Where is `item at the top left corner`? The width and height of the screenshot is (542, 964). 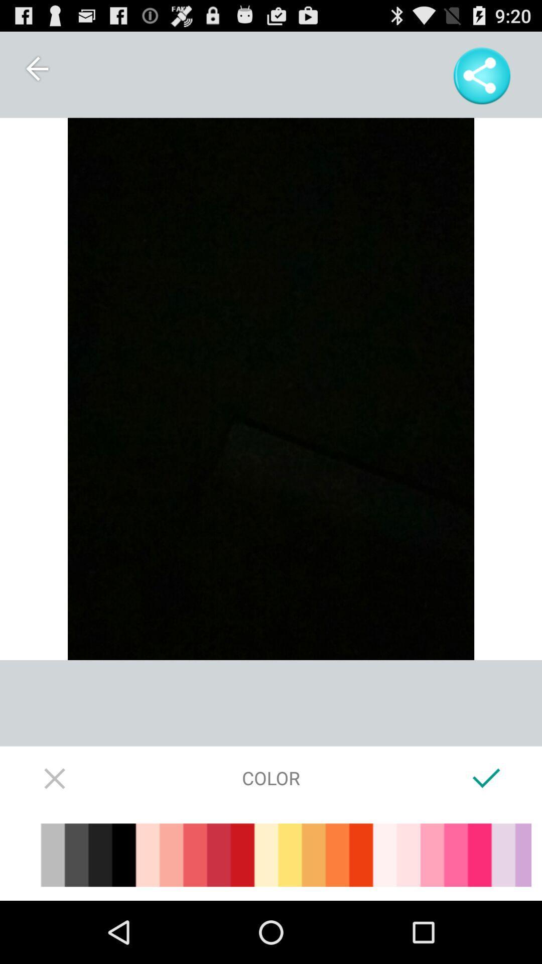
item at the top left corner is located at coordinates (36, 68).